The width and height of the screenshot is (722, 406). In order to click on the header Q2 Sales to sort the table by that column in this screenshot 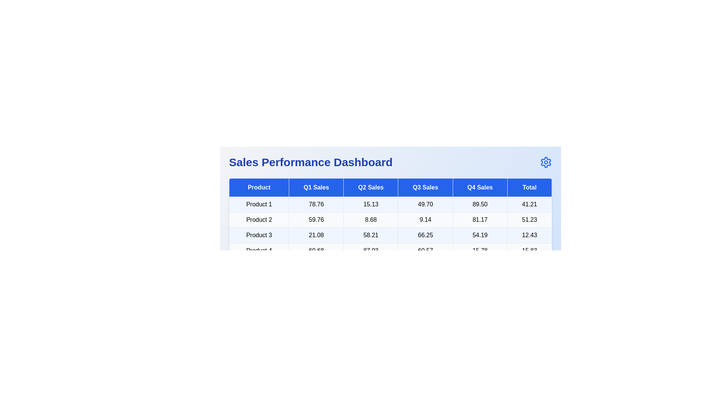, I will do `click(370, 187)`.